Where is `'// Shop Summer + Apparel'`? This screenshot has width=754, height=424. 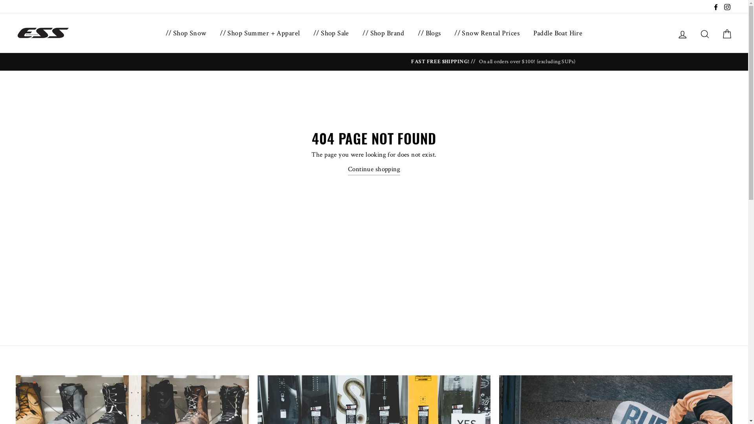
'// Shop Summer + Apparel' is located at coordinates (214, 33).